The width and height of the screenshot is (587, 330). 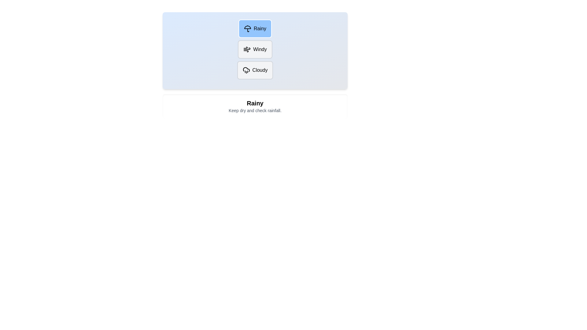 What do you see at coordinates (255, 70) in the screenshot?
I see `the Cloudy tab by clicking on it` at bounding box center [255, 70].